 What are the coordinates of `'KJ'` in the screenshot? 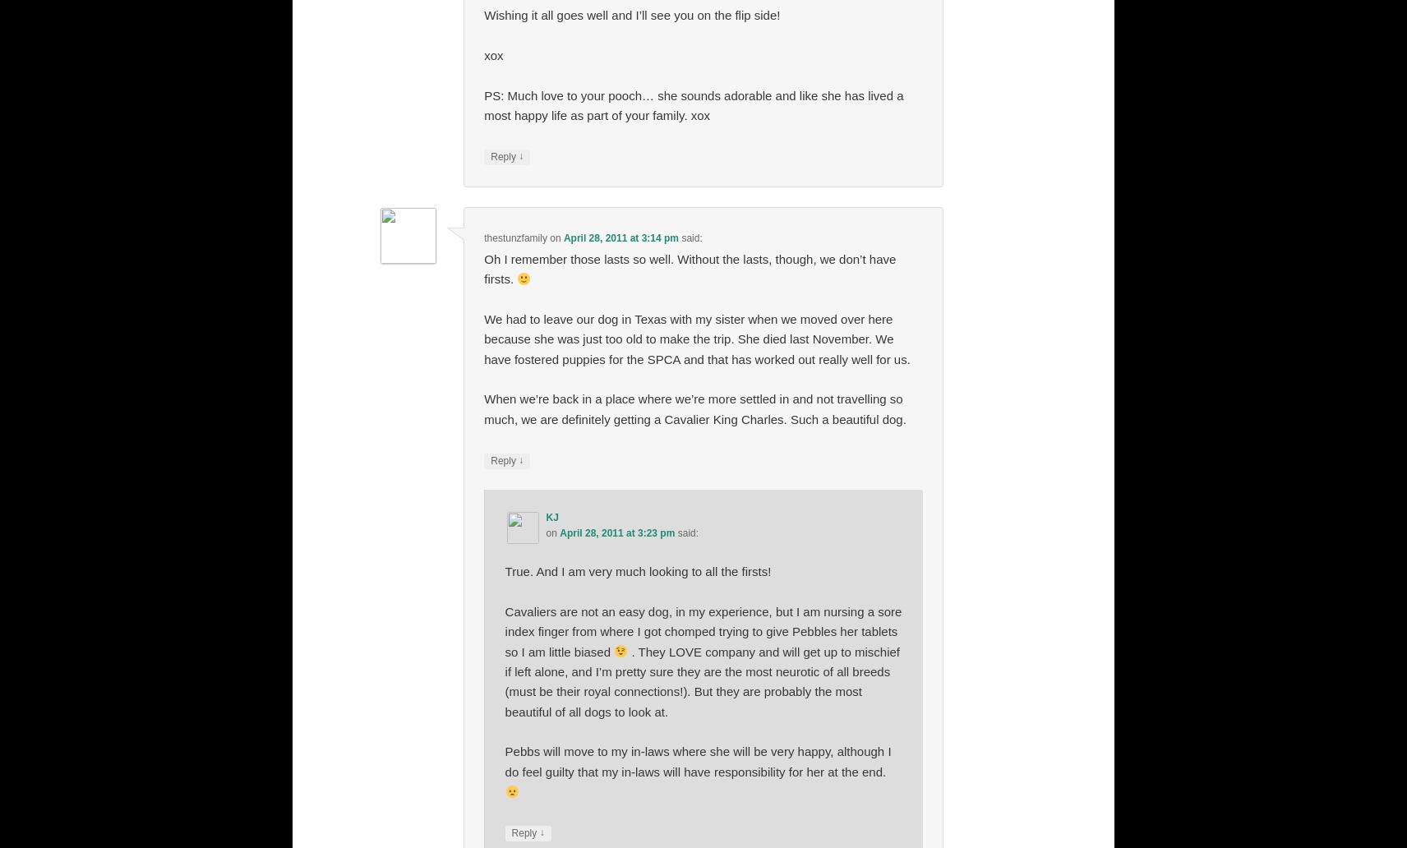 It's located at (546, 517).